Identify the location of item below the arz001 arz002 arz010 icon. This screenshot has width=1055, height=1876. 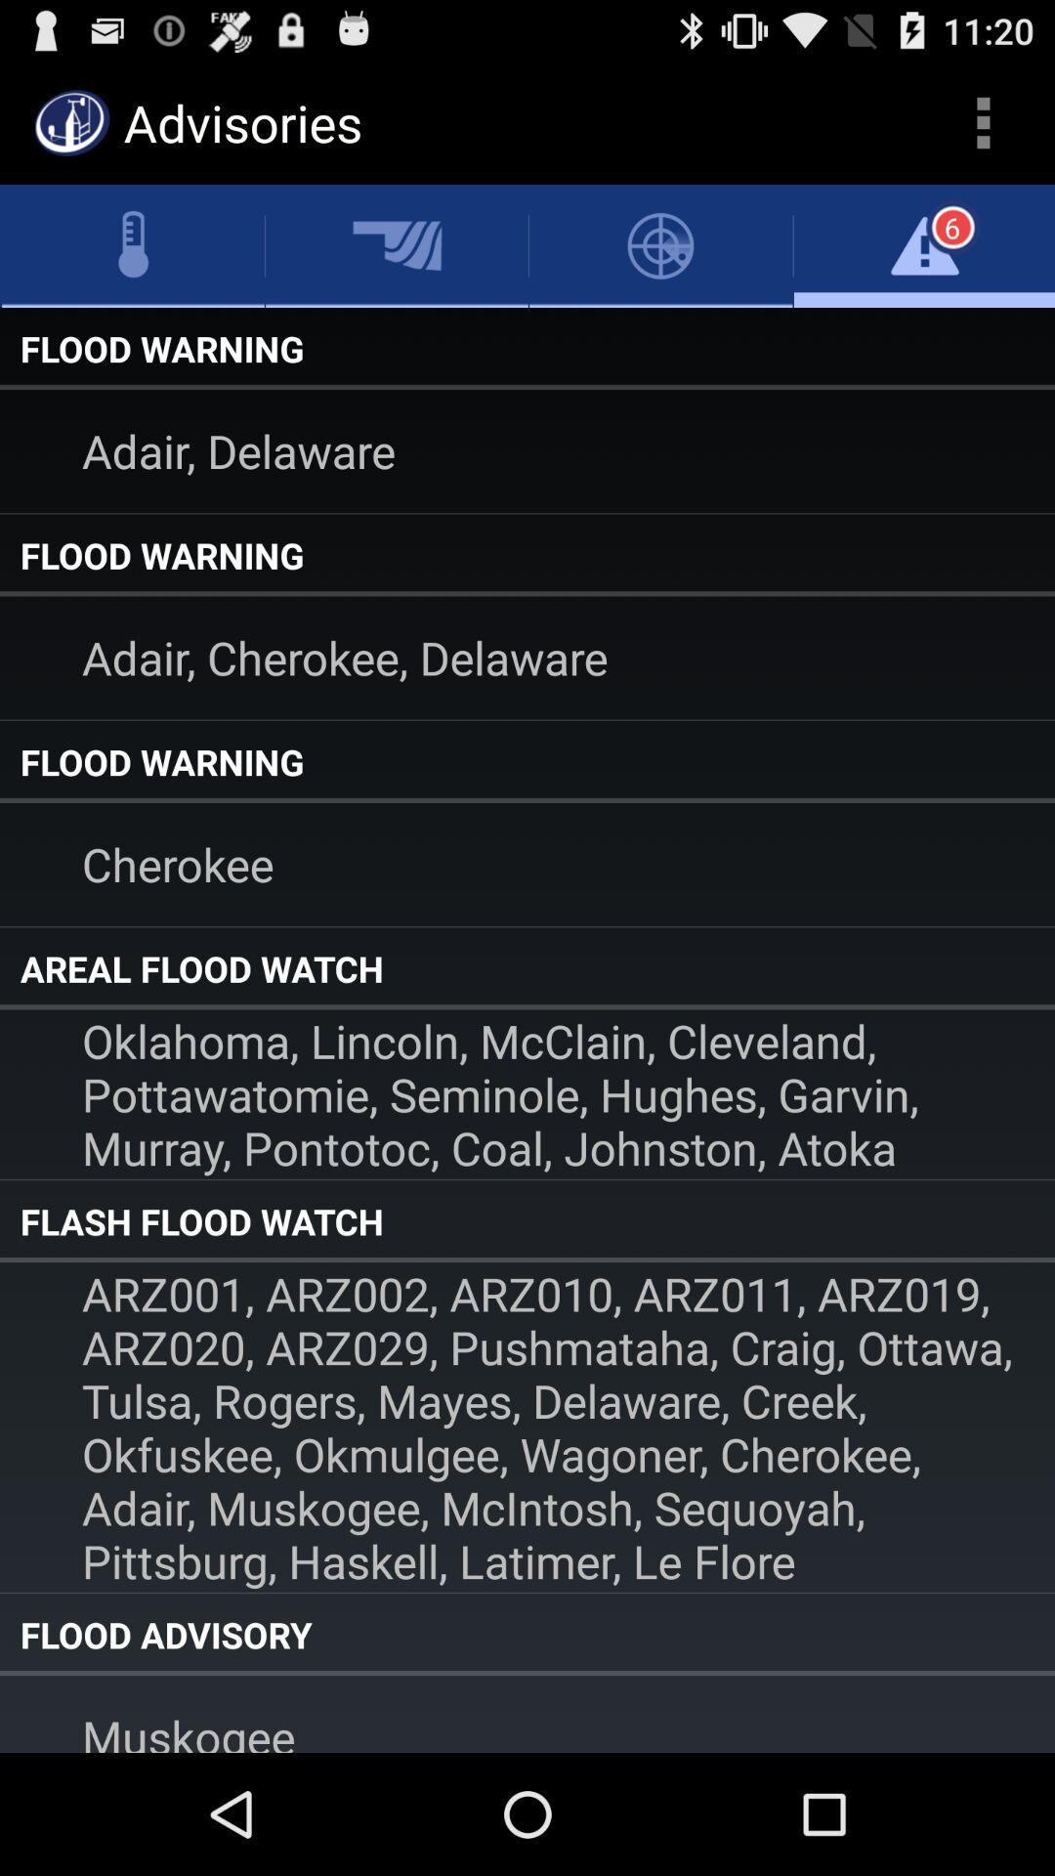
(527, 1635).